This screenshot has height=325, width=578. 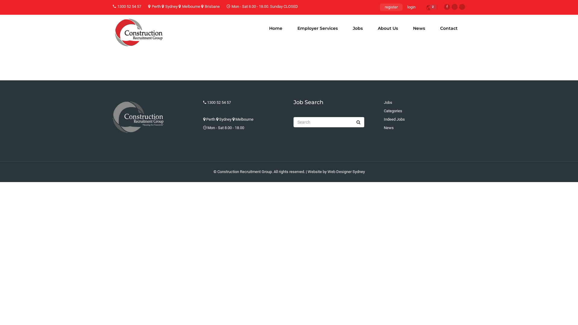 What do you see at coordinates (275, 28) in the screenshot?
I see `'Home'` at bounding box center [275, 28].